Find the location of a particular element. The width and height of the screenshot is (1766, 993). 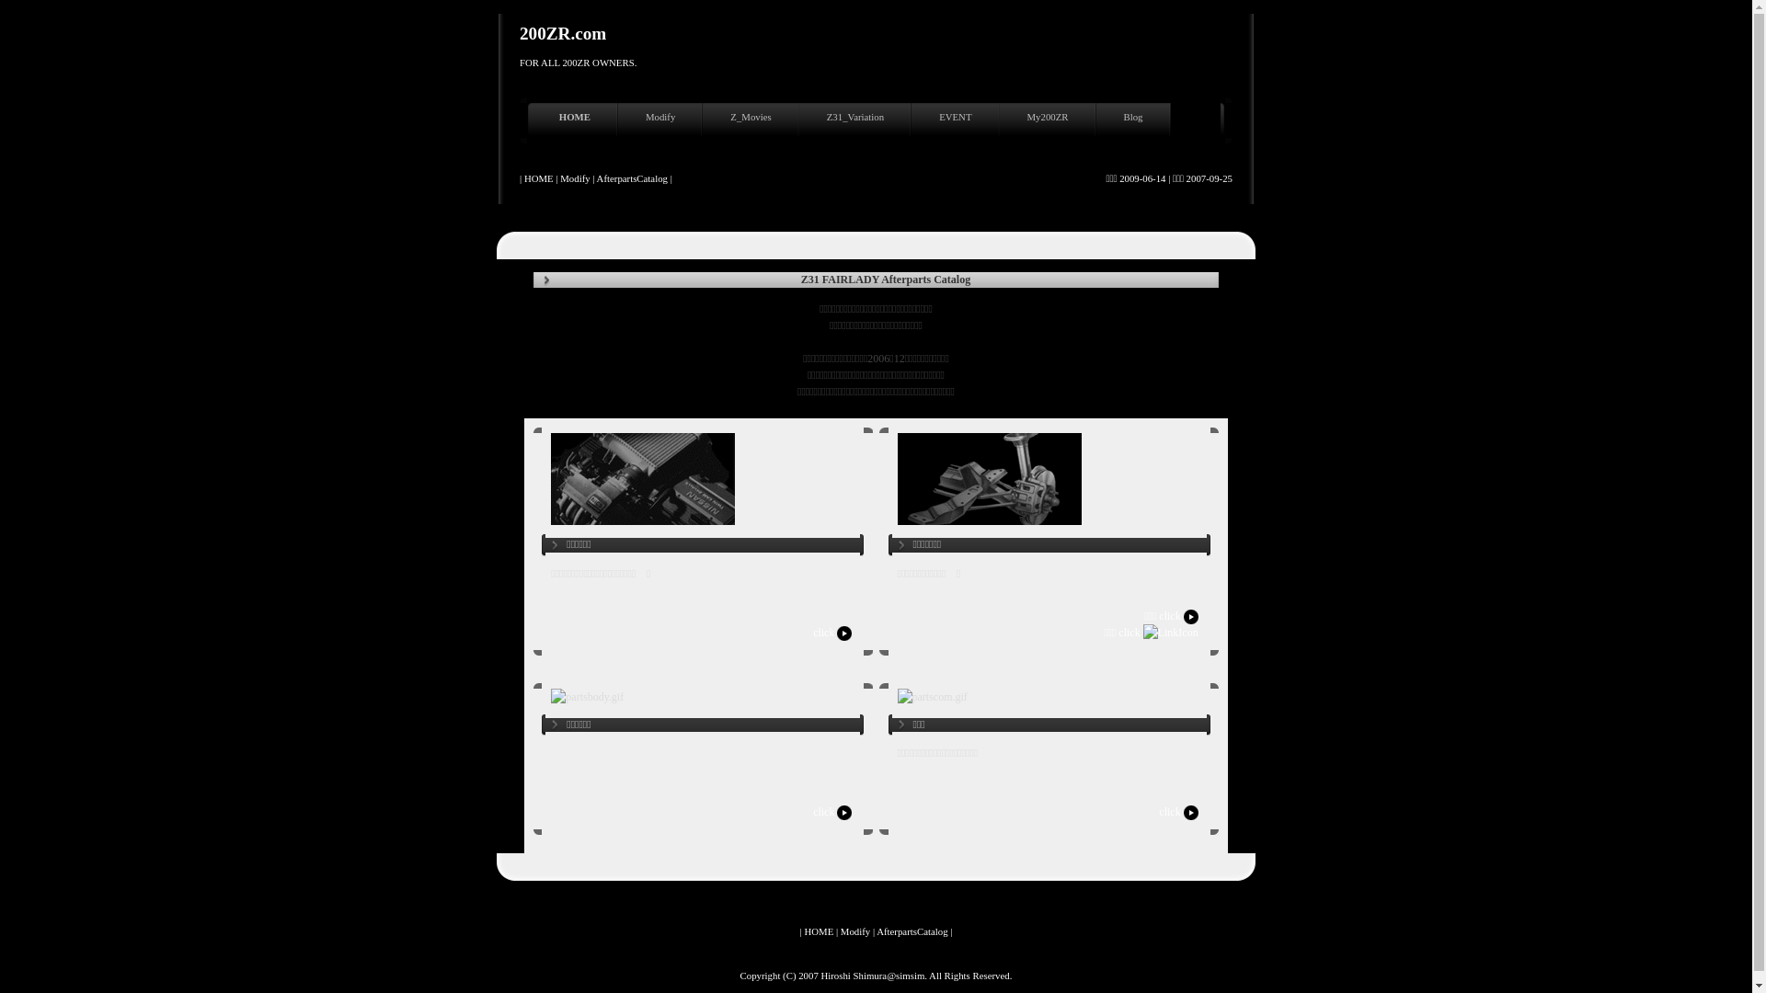

'click' is located at coordinates (832, 811).